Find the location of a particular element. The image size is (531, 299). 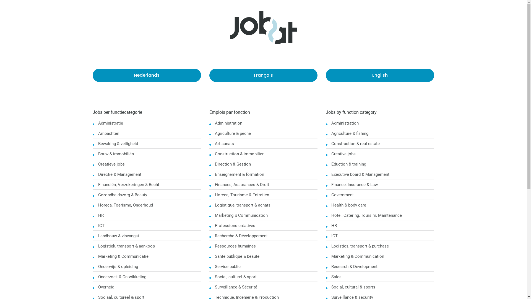

'Creatieve jobs' is located at coordinates (111, 164).